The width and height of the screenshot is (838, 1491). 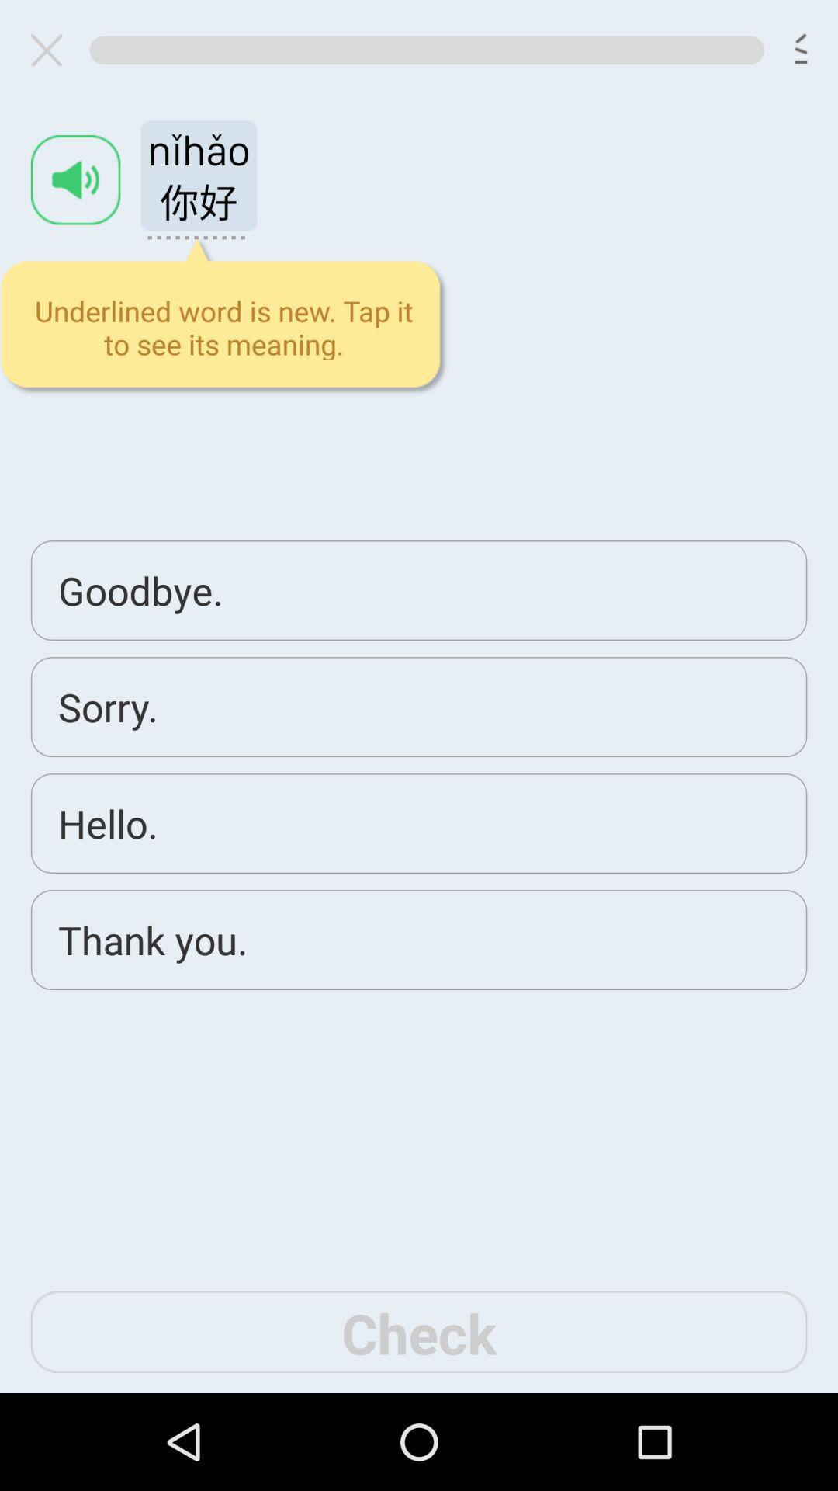 I want to click on section, so click(x=52, y=50).